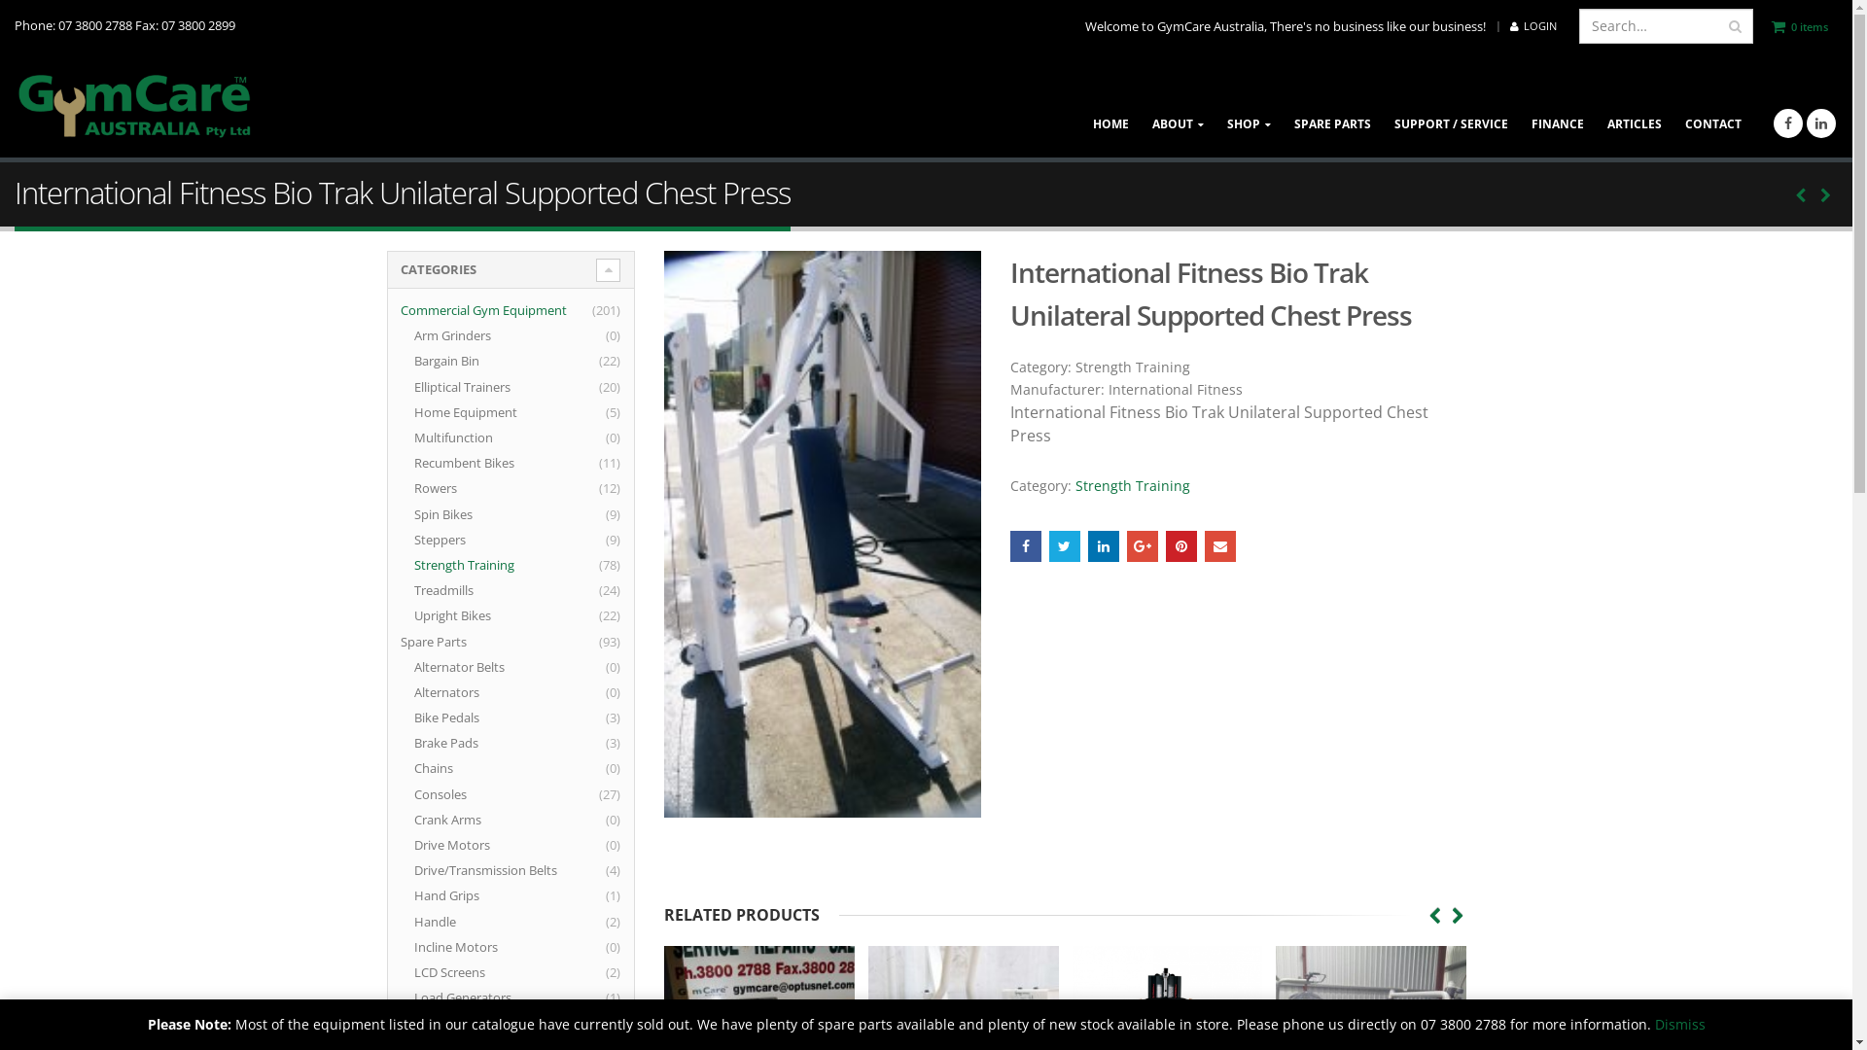  What do you see at coordinates (1735, 26) in the screenshot?
I see `'Search'` at bounding box center [1735, 26].